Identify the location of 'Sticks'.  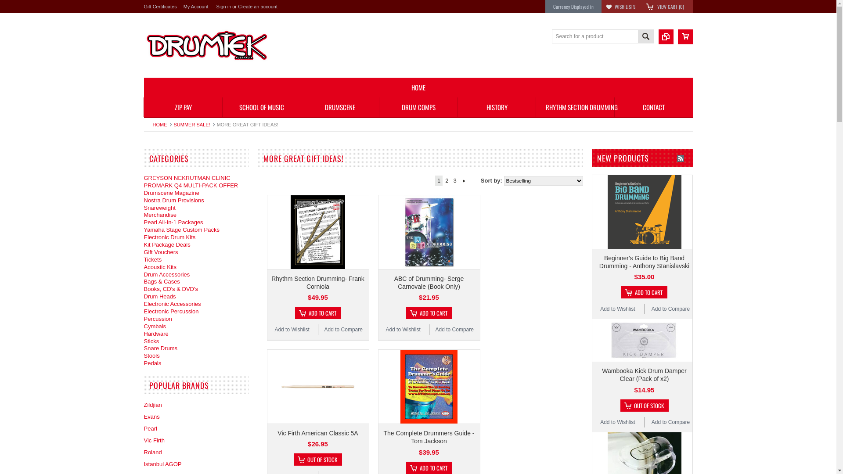
(151, 341).